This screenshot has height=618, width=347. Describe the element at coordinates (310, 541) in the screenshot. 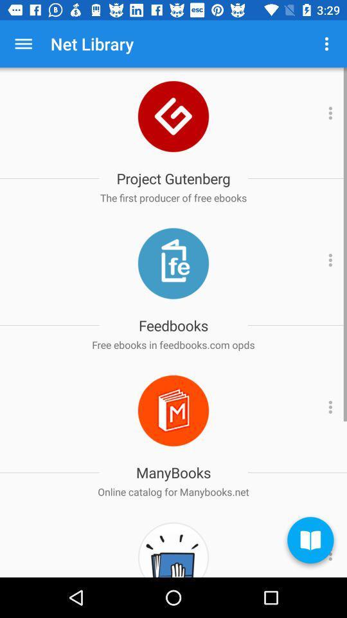

I see `the book icon` at that location.